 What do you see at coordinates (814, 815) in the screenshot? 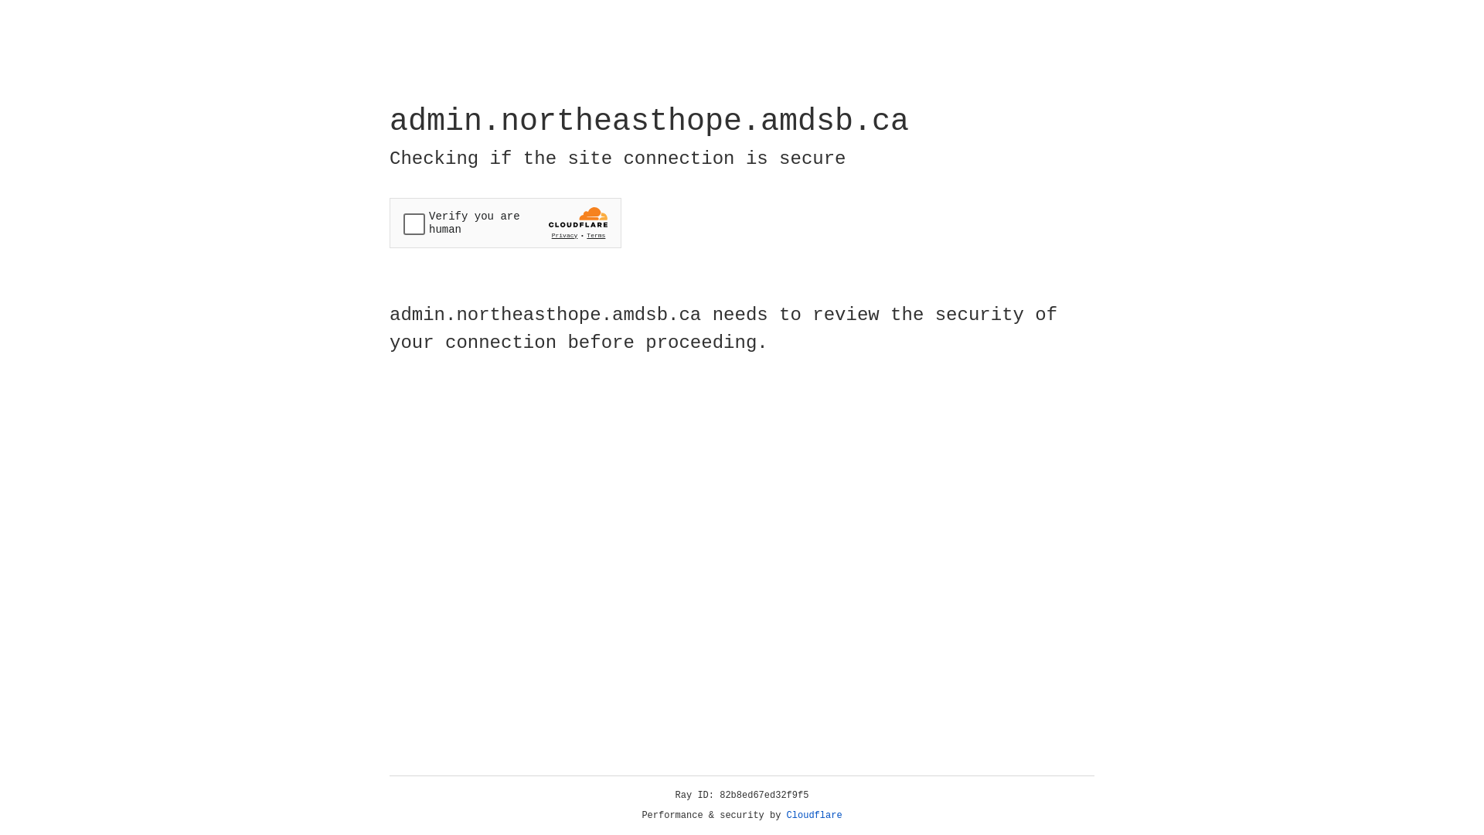
I see `'Cloudflare'` at bounding box center [814, 815].